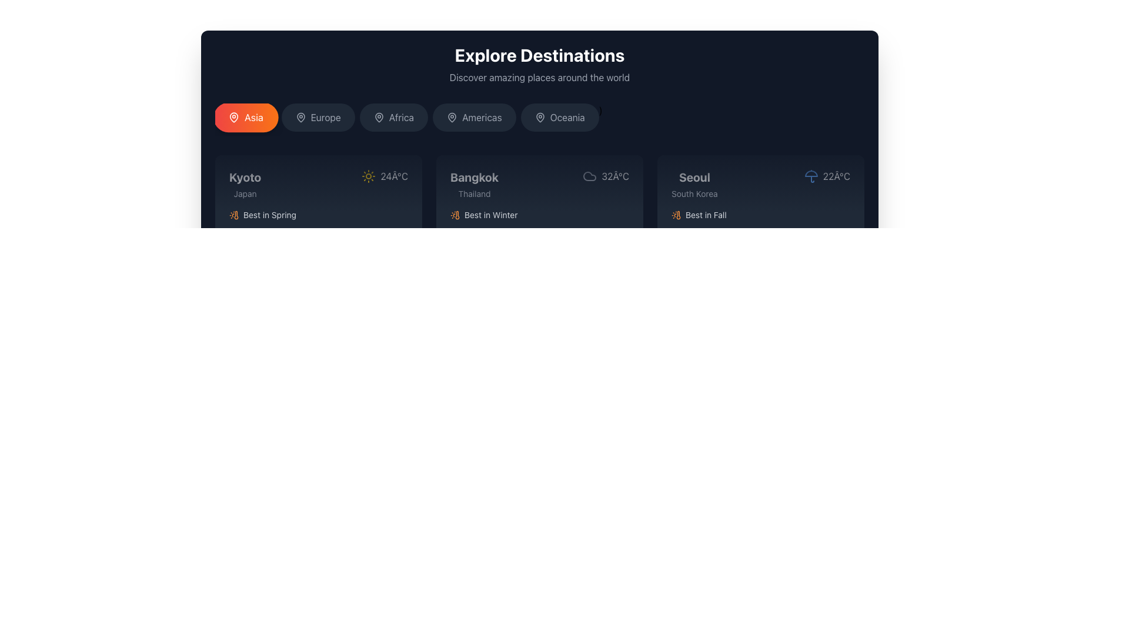  I want to click on the map pin icon representing the 'Oceania' section in the navigation bar, so click(539, 118).